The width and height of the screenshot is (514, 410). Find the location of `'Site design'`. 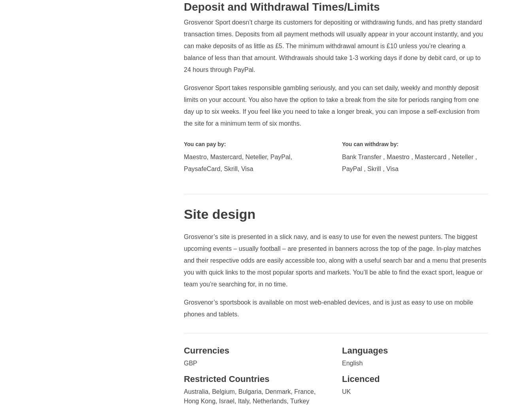

'Site design' is located at coordinates (219, 213).